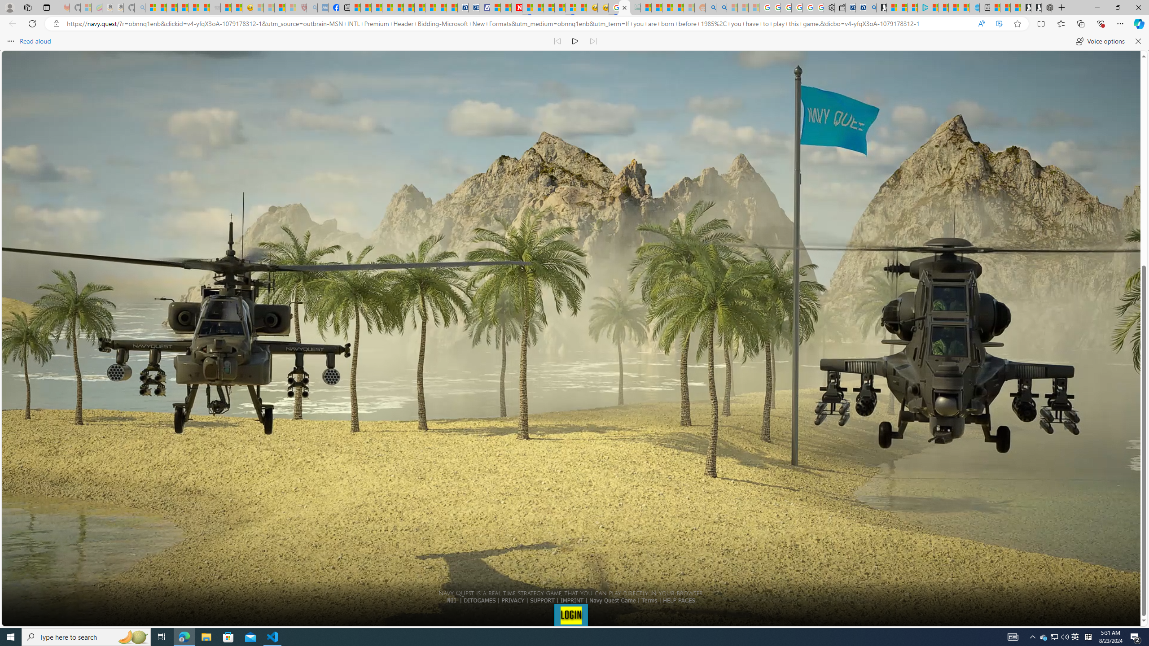 This screenshot has height=646, width=1149. Describe the element at coordinates (538, 7) in the screenshot. I see `'14 Common Myths Debunked By Scientific Facts'` at that location.